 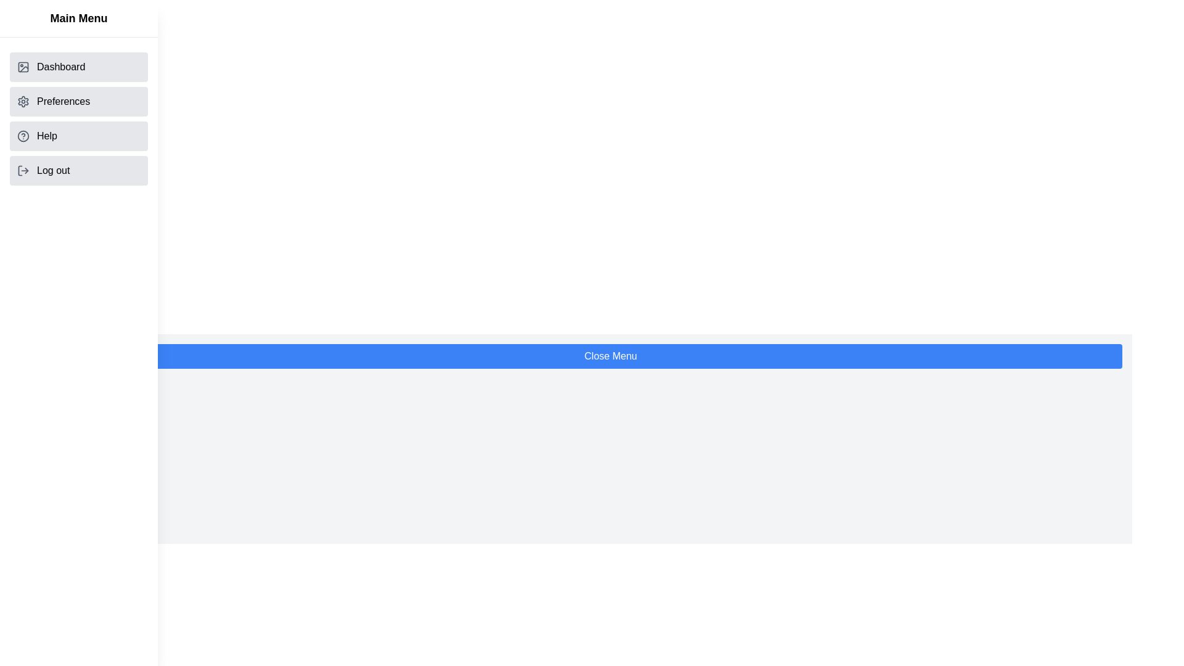 I want to click on the 'Help' option in the sidebar menu, so click(x=78, y=136).